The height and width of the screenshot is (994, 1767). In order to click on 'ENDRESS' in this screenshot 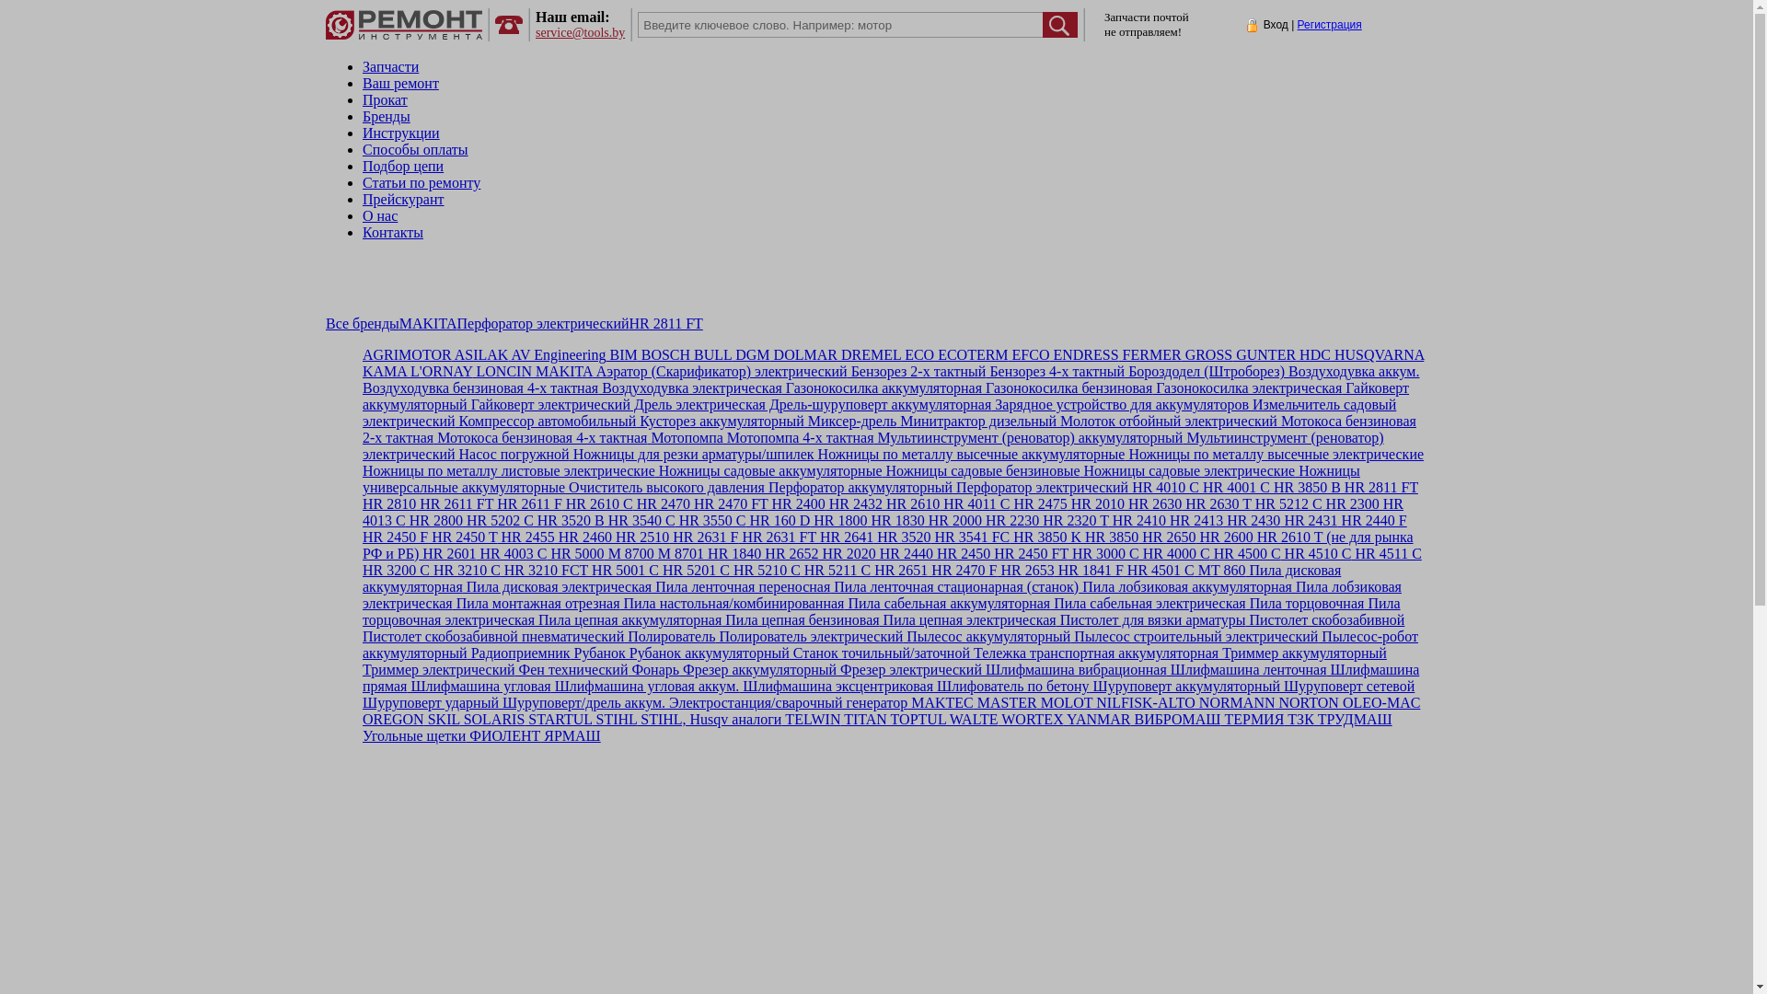, I will do `click(1083, 354)`.